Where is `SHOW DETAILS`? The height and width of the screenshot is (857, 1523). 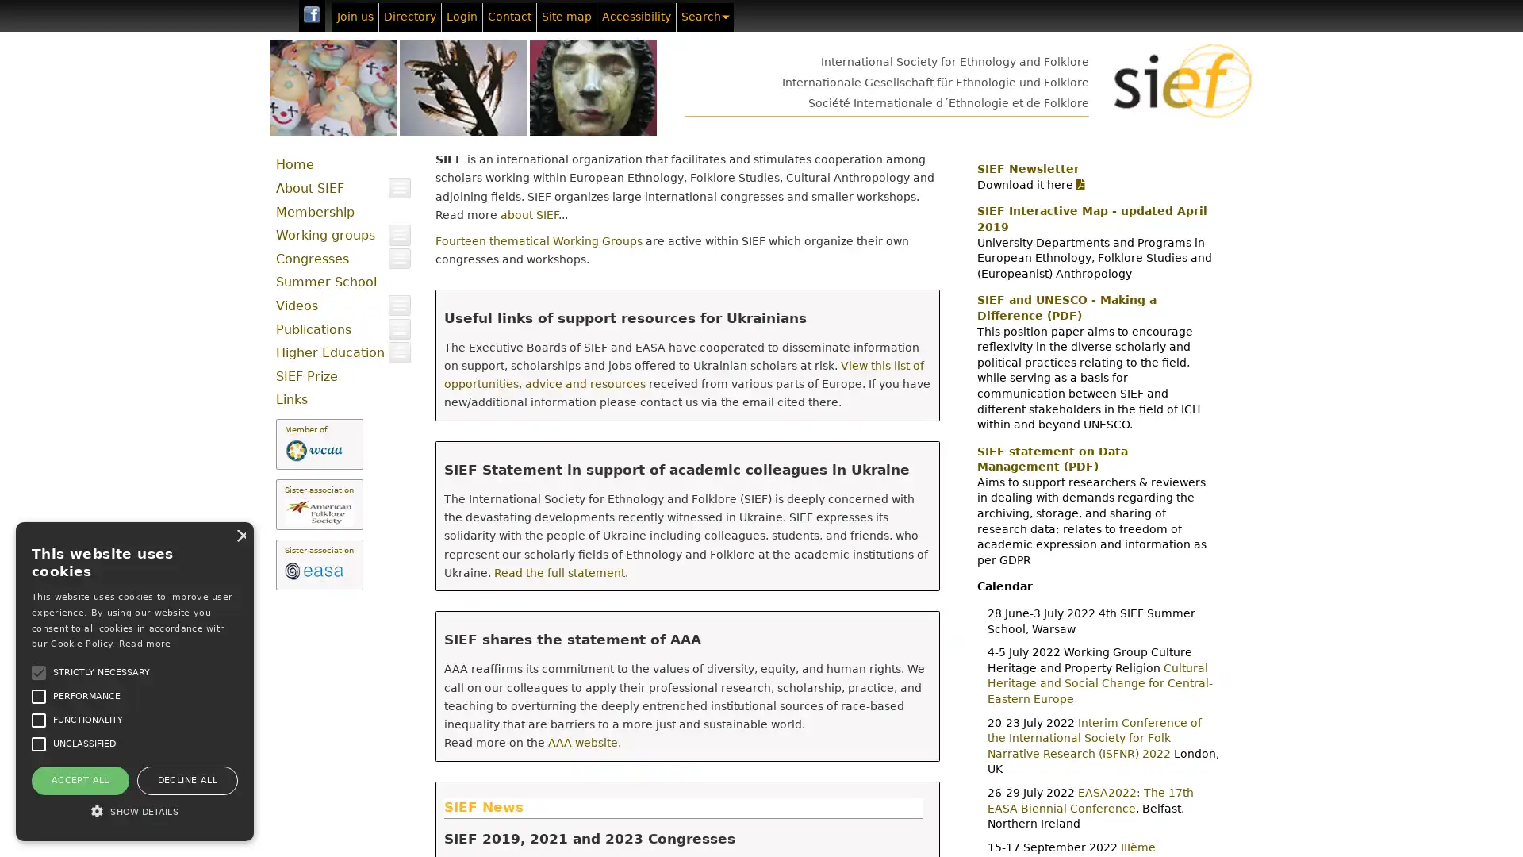 SHOW DETAILS is located at coordinates (134, 811).